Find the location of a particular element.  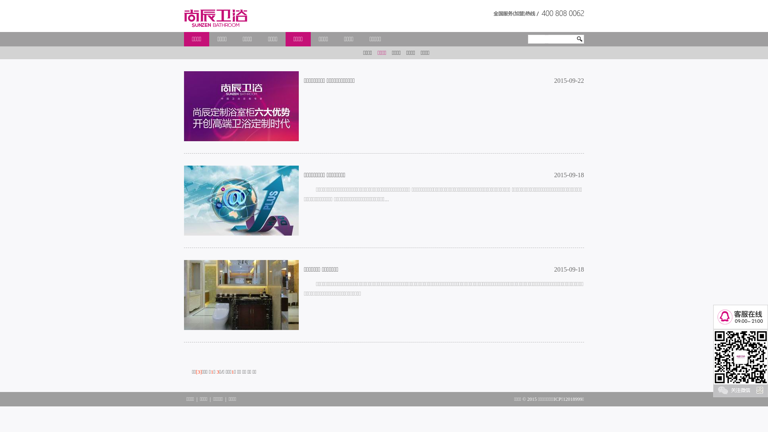

'12018999' is located at coordinates (572, 399).